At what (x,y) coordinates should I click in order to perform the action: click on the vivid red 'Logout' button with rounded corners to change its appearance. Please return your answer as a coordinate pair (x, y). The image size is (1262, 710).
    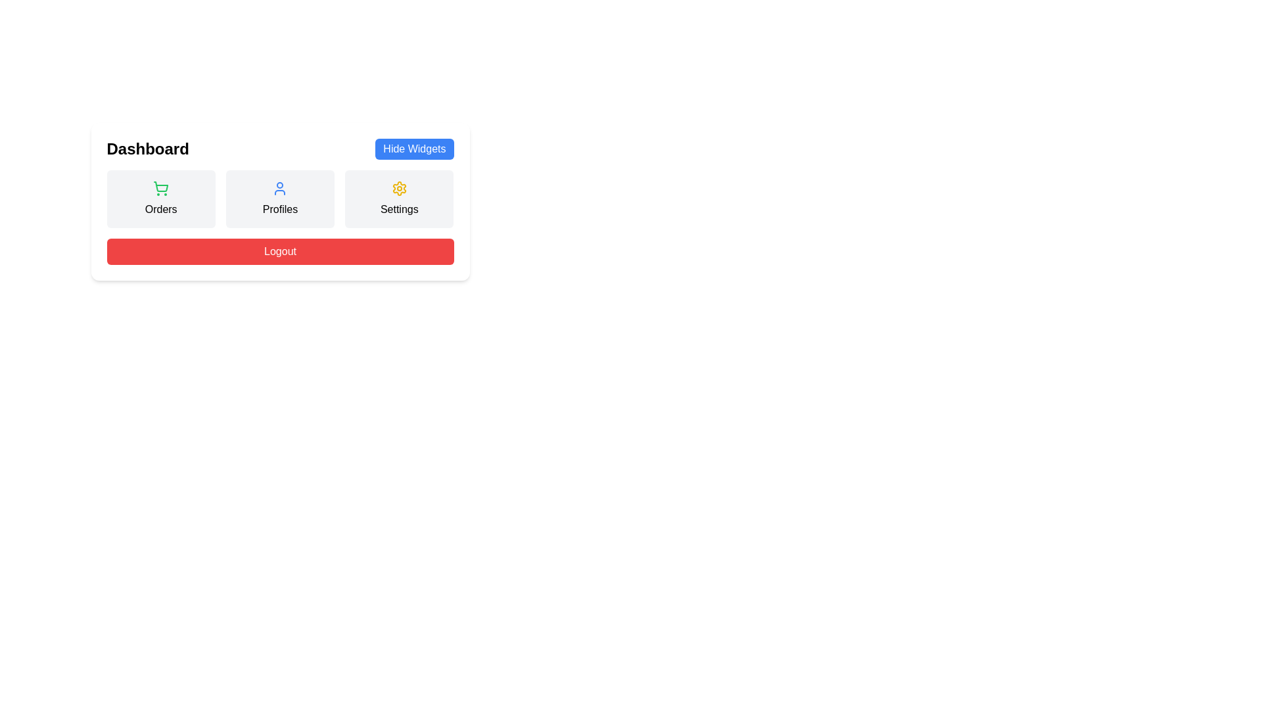
    Looking at the image, I should click on (279, 251).